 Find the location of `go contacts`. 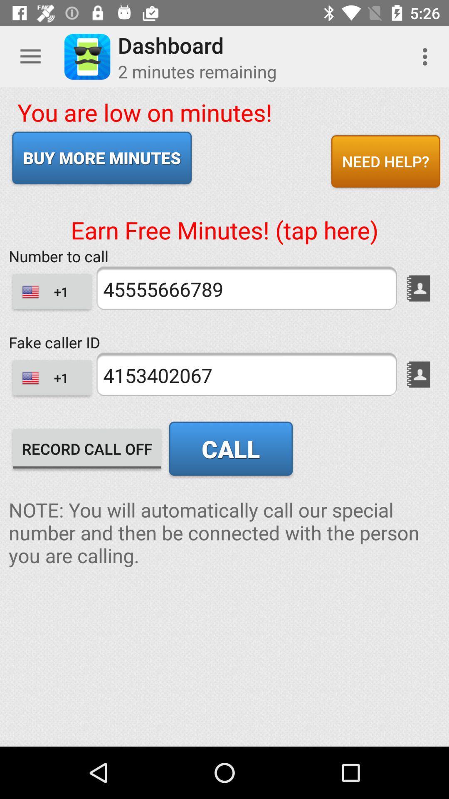

go contacts is located at coordinates (418, 288).